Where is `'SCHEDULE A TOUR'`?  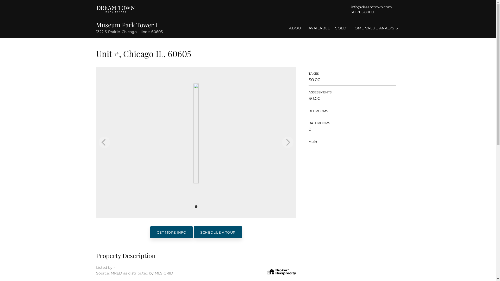
'SCHEDULE A TOUR' is located at coordinates (218, 232).